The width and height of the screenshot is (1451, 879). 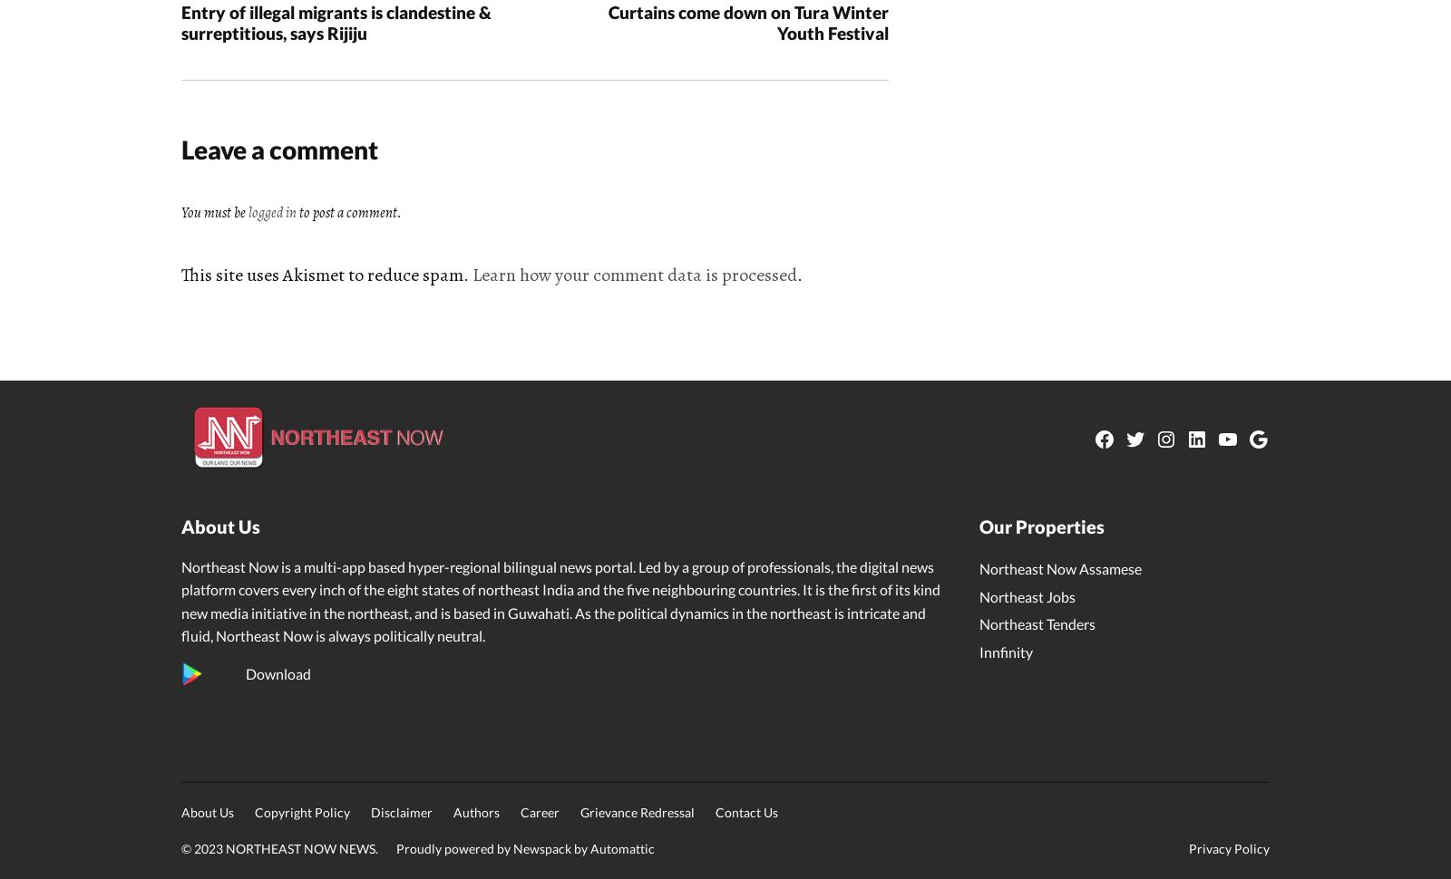 I want to click on 'Innfinity', so click(x=1006, y=651).